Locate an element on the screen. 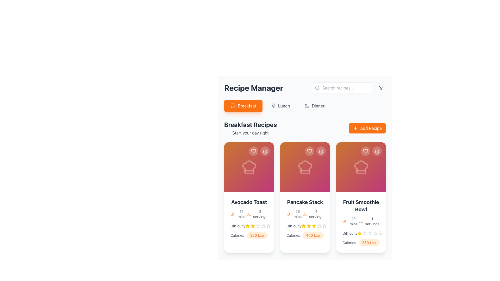  the star icons in the 'Difficulty' rating display of the 'Avocado Toast' card to modify the rating is located at coordinates (249, 226).